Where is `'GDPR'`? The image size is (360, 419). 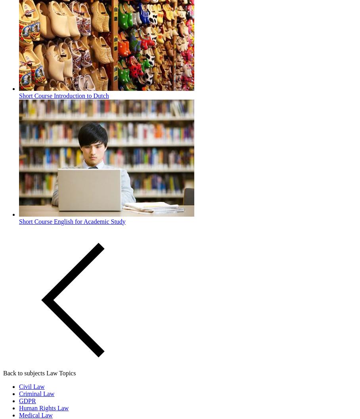
'GDPR' is located at coordinates (19, 400).